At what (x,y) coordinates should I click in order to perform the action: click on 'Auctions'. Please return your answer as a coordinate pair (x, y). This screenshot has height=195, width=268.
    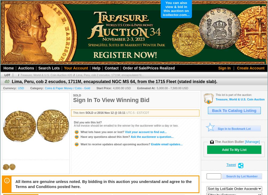
    Looking at the image, I should click on (26, 68).